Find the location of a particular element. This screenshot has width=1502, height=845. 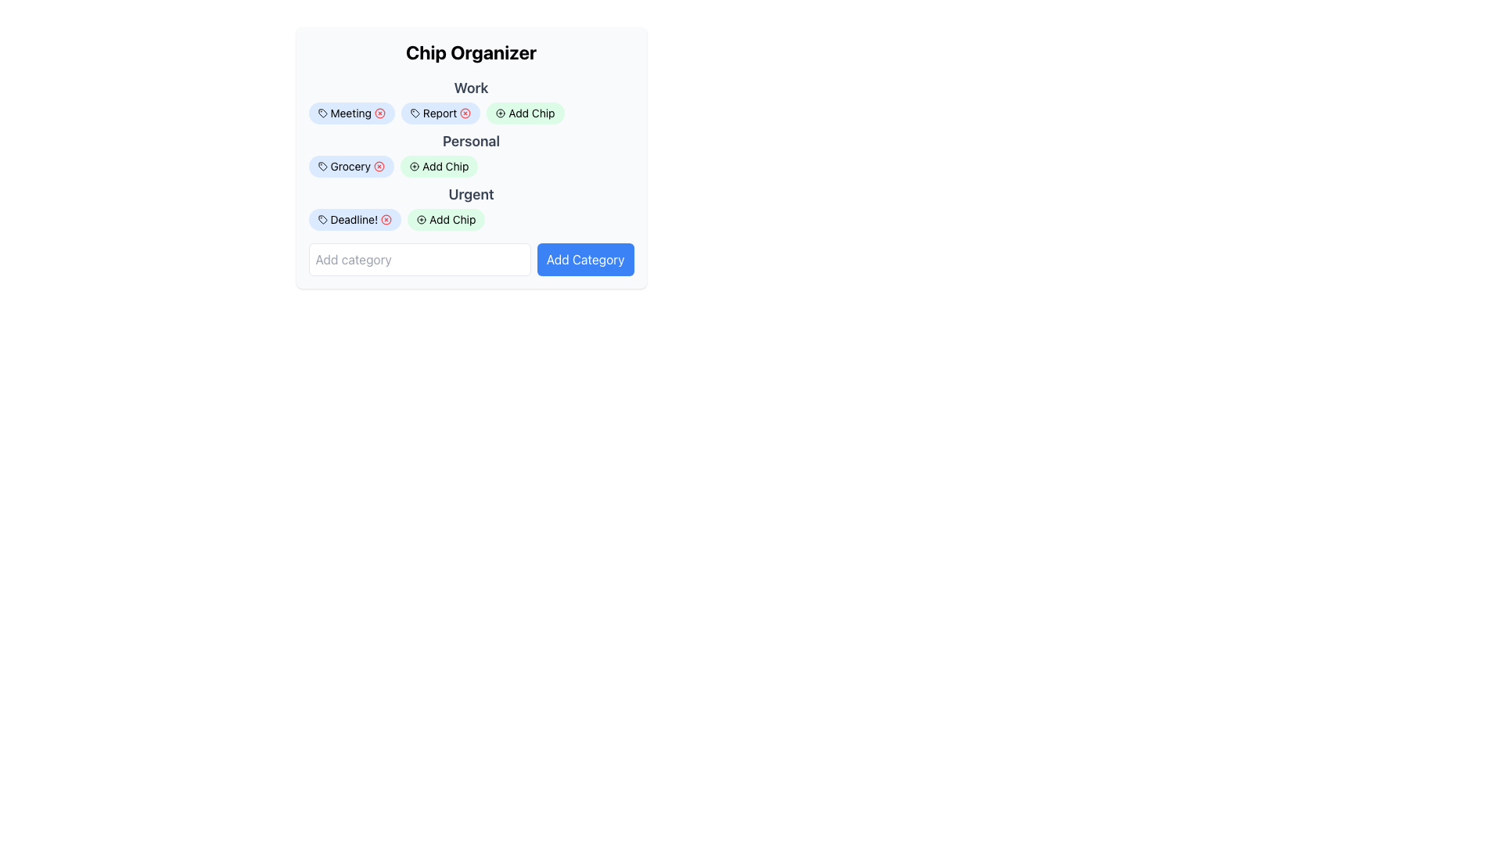

header text label indicating the category or section above the clickable chips is located at coordinates (470, 100).